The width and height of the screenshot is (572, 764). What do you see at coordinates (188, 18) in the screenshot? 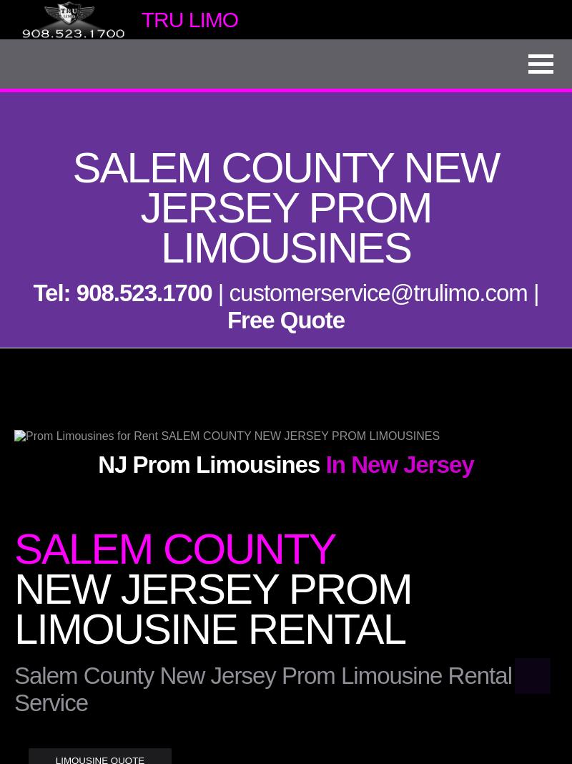
I see `'TRU LIMO'` at bounding box center [188, 18].